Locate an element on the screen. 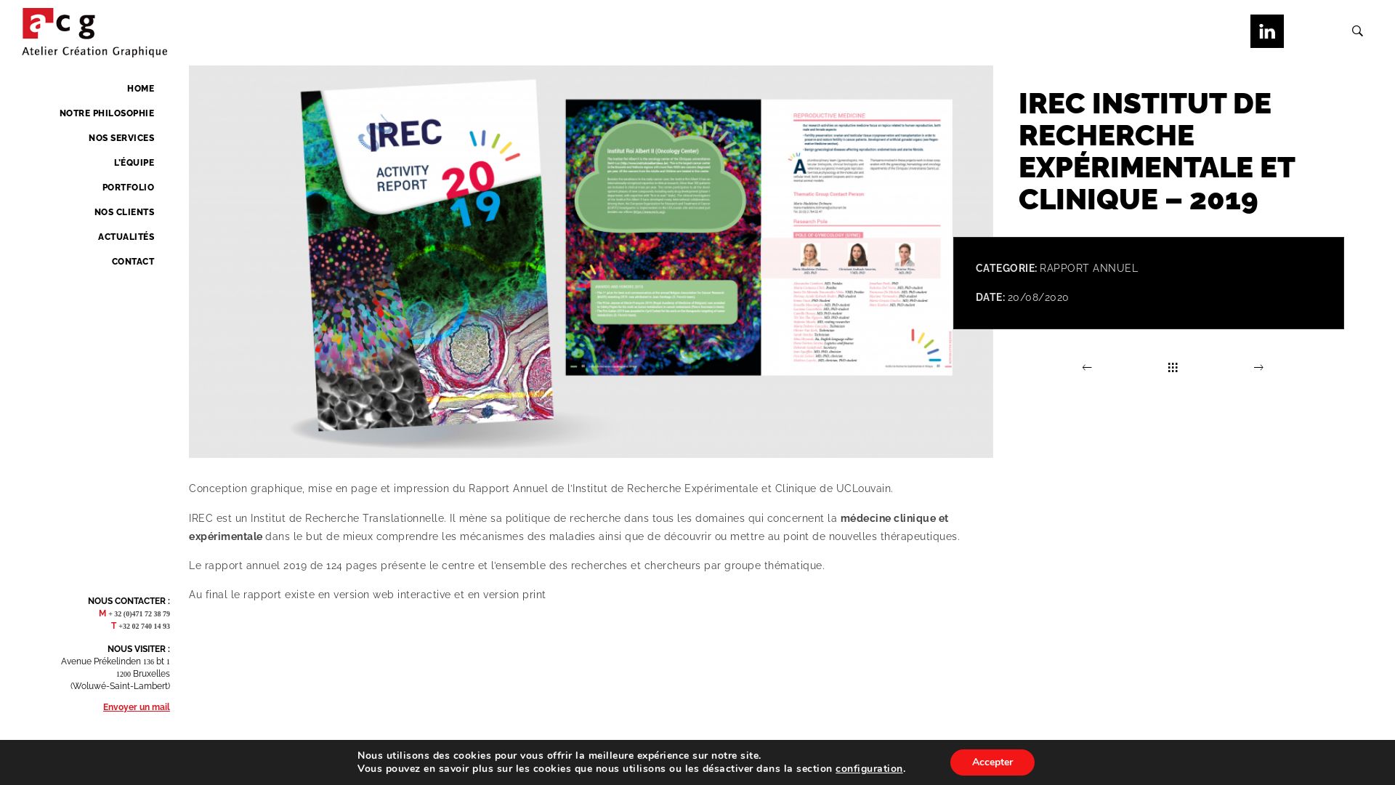 Image resolution: width=1395 pixels, height=785 pixels. 'NOS SERVICES' is located at coordinates (121, 137).